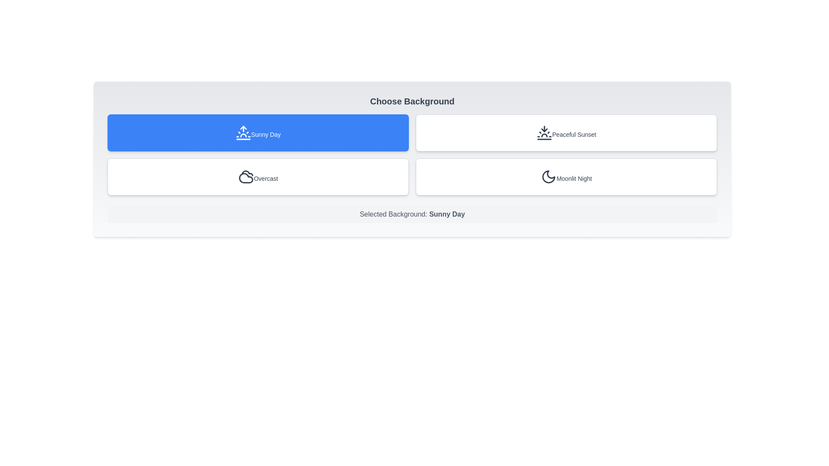  I want to click on the background Overcast by clicking its corresponding button, so click(258, 176).